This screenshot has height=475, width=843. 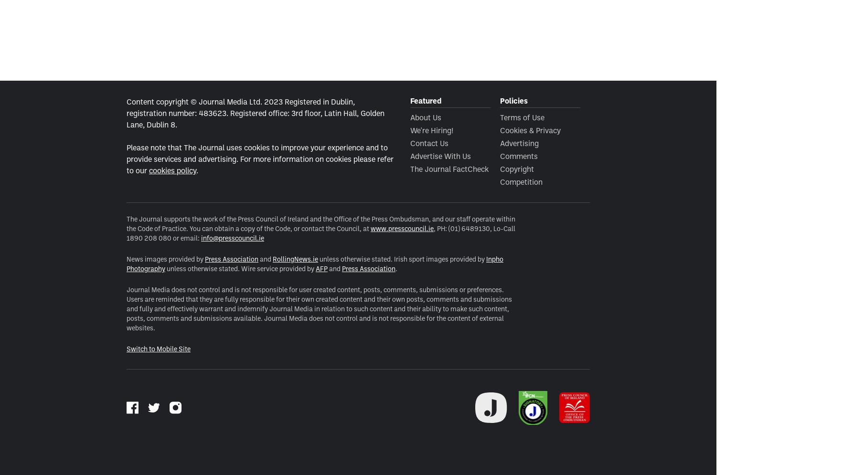 I want to click on 'About Us', so click(x=426, y=116).